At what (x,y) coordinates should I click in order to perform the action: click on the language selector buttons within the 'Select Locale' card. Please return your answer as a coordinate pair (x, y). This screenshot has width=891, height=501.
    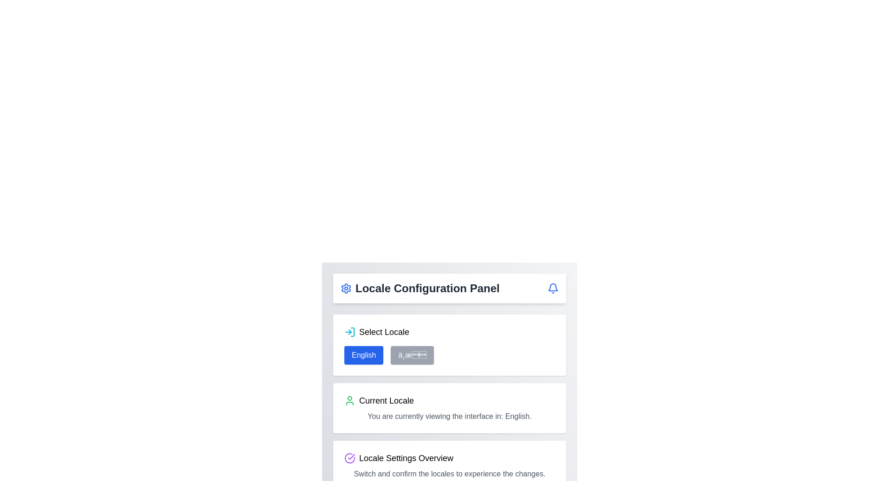
    Looking at the image, I should click on (450, 355).